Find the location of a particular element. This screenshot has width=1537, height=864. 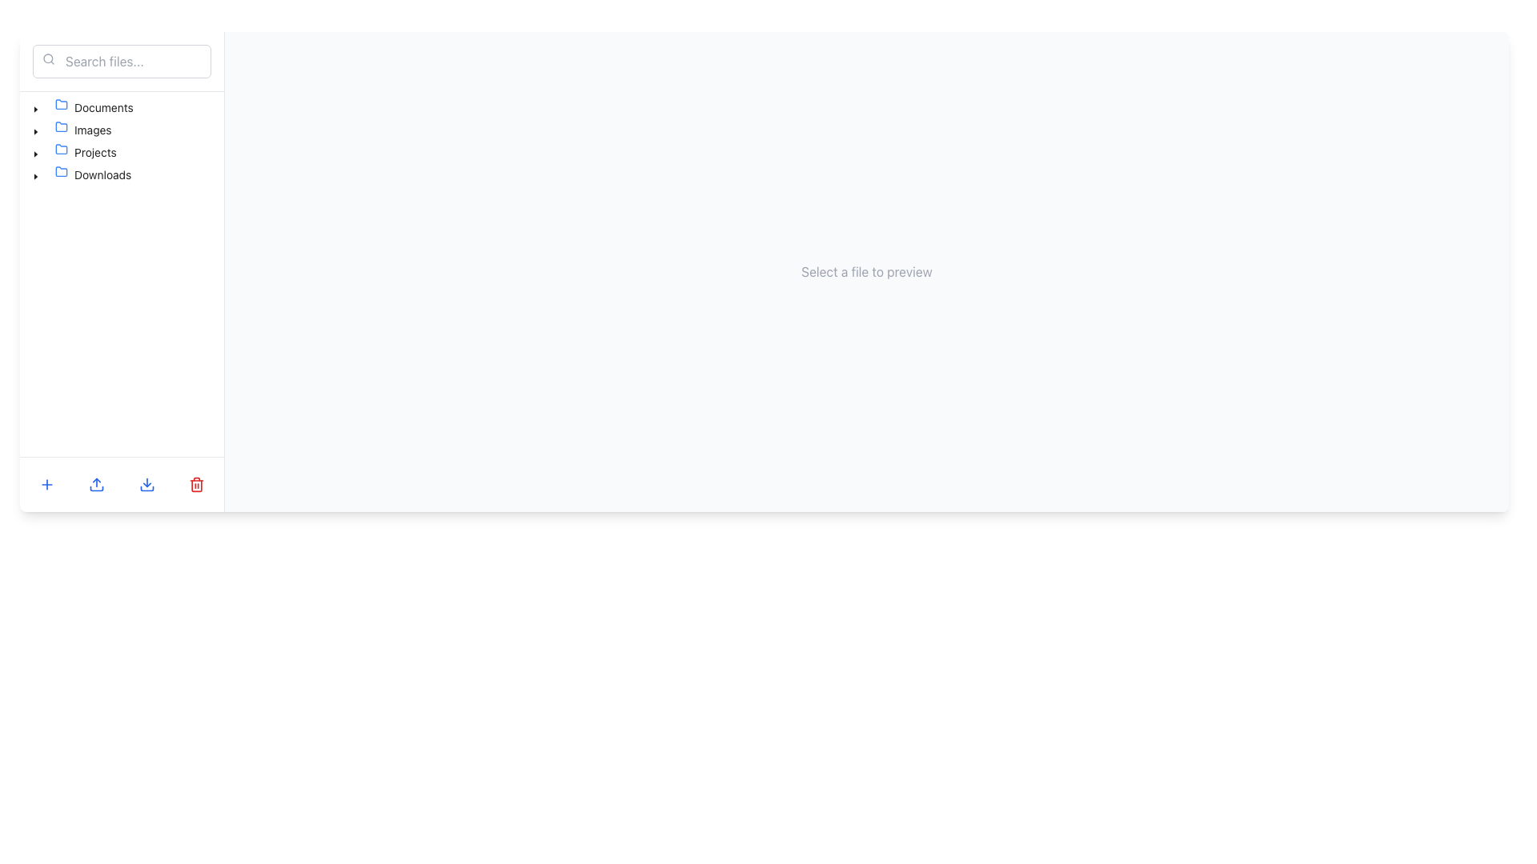

the Toggle icon next to the 'Projects' label is located at coordinates (35, 153).